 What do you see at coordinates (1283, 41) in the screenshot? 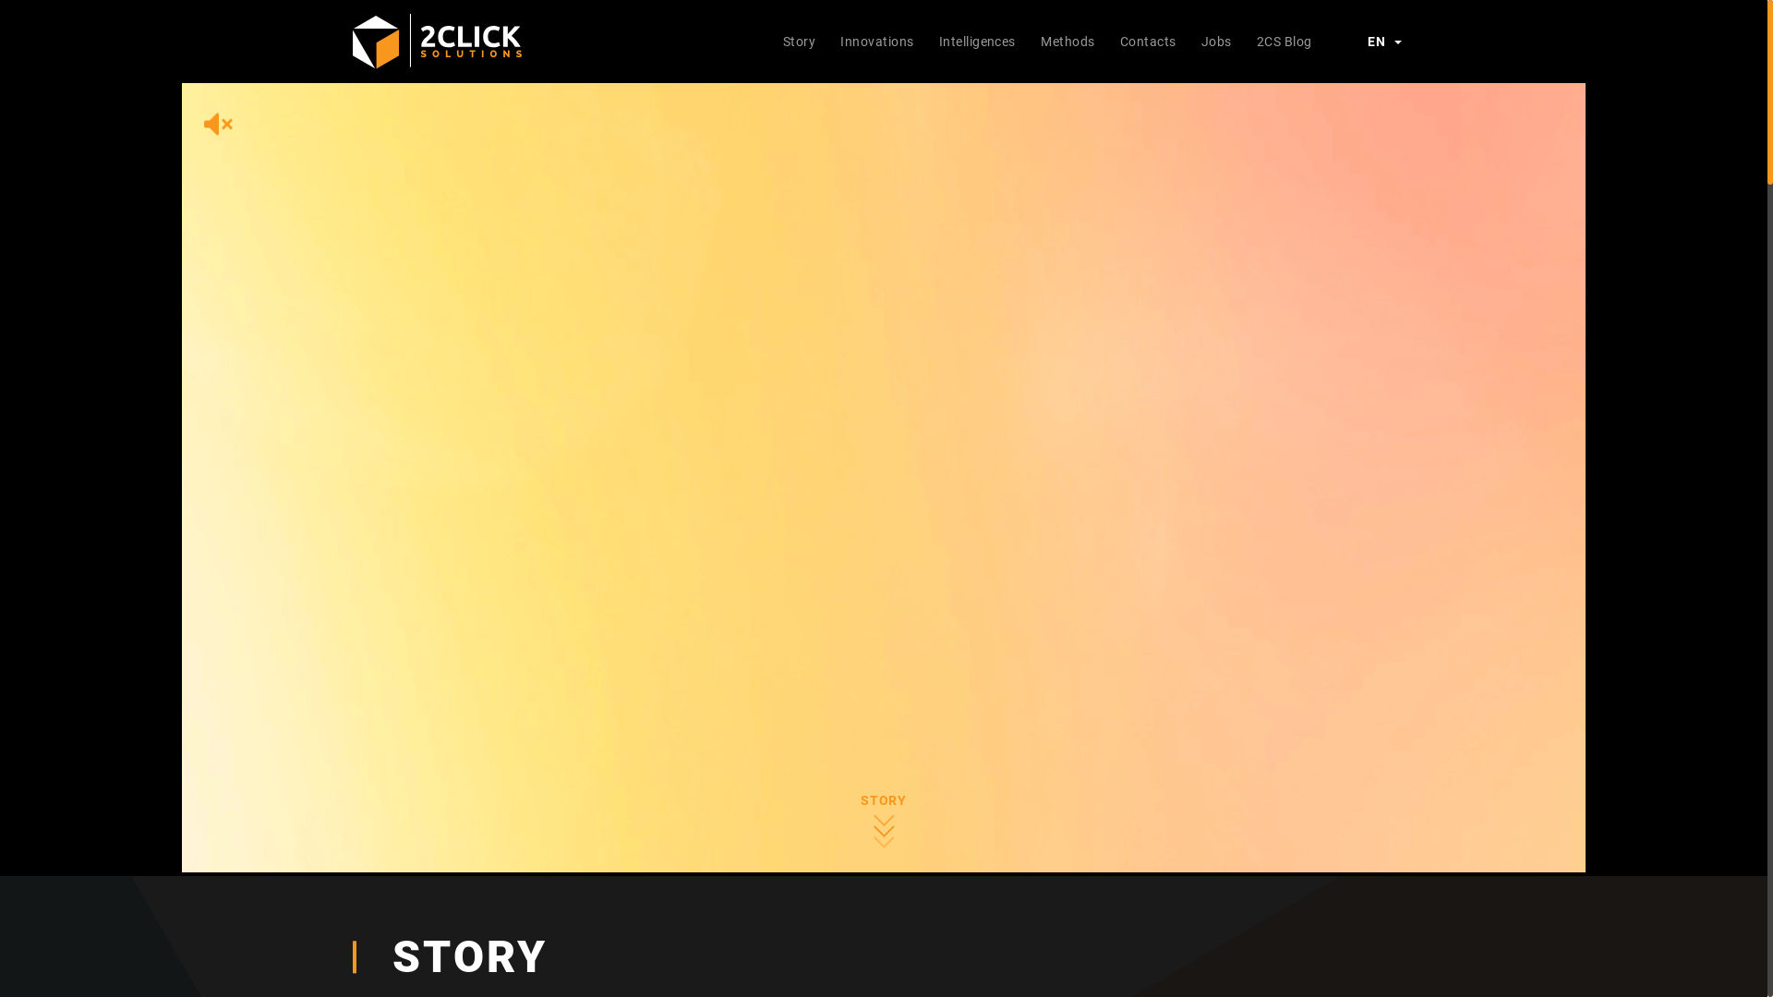
I see `'2CS Blog'` at bounding box center [1283, 41].